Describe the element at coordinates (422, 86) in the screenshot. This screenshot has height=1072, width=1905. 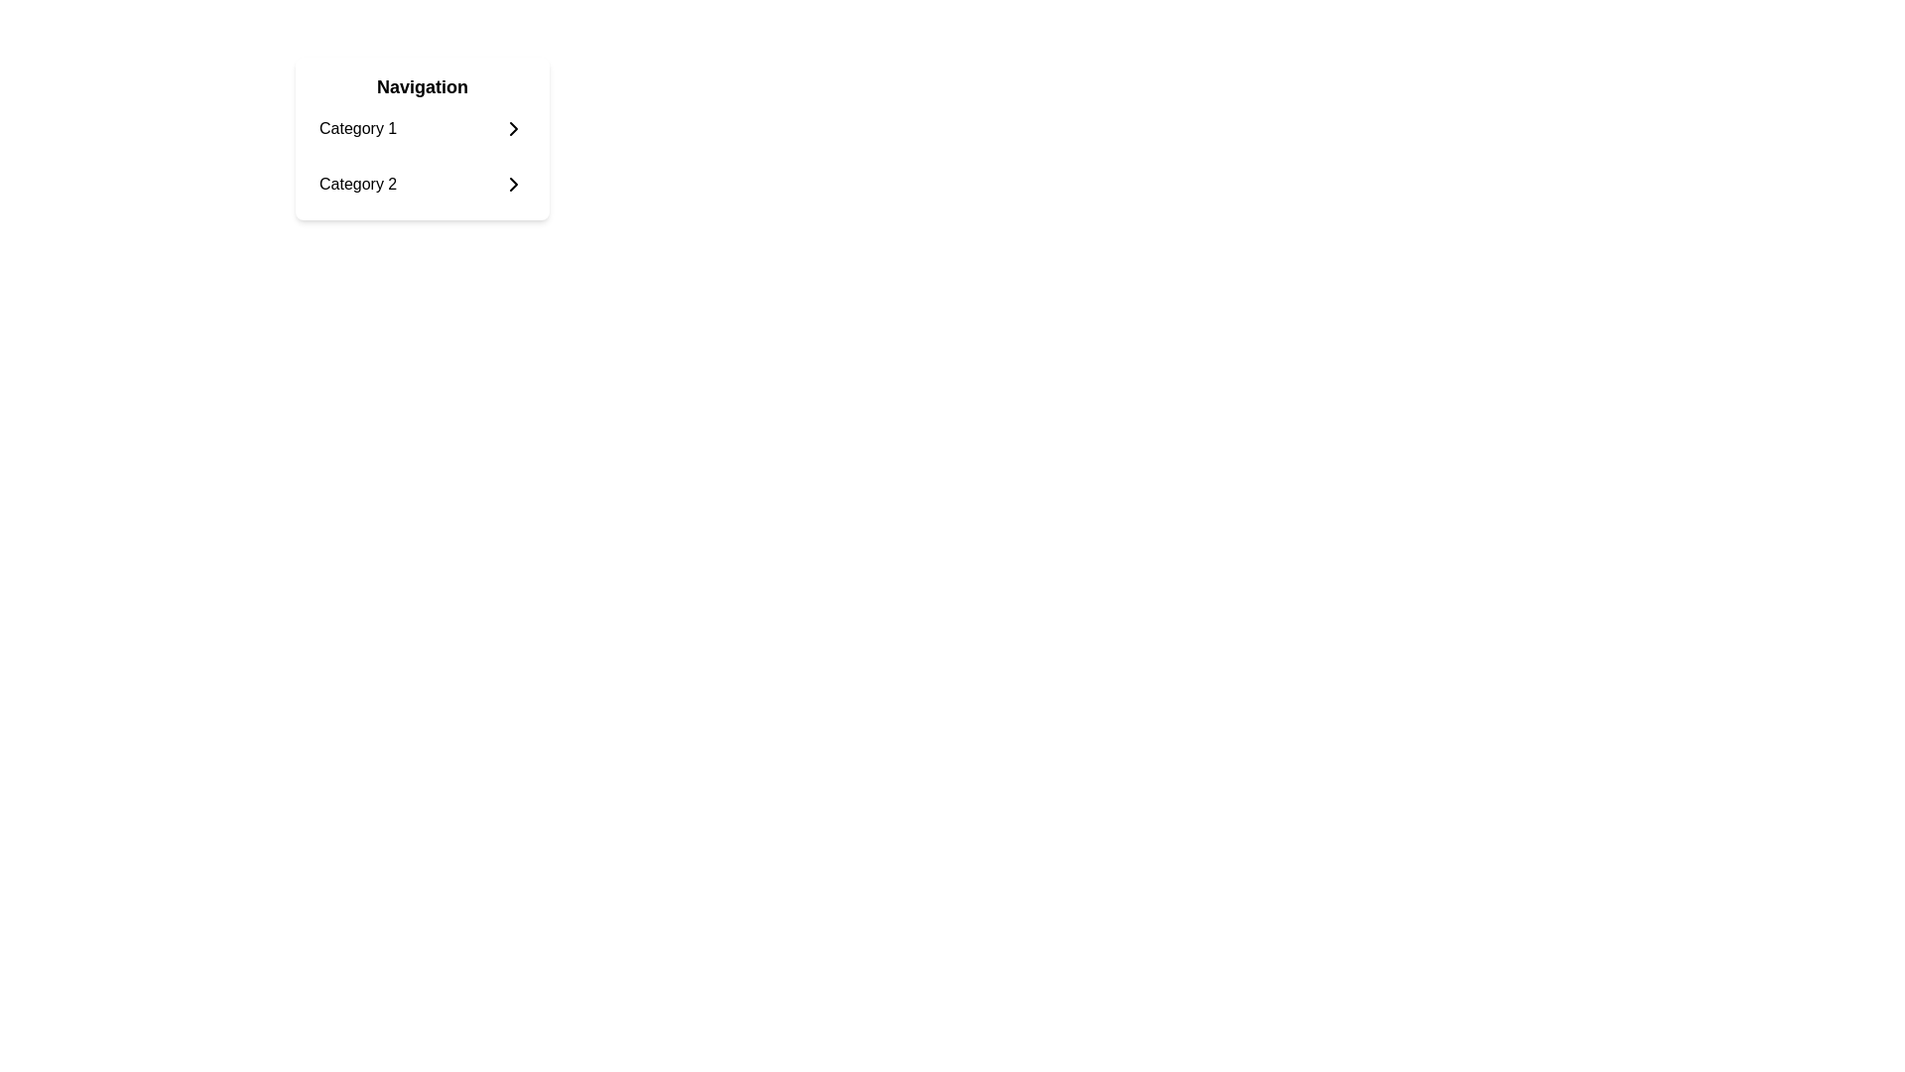
I see `the static text label that serves as a header for the associated section containing additional list items or categories, located at the top of a white card` at that location.